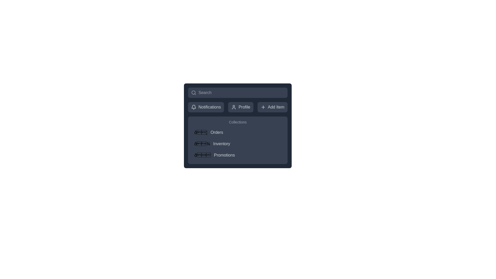  I want to click on the 'Add Item' button, which is a rectangular button with a dark gray background and a white plus icon, located under the top navigation section as the third button from the left, so click(272, 107).